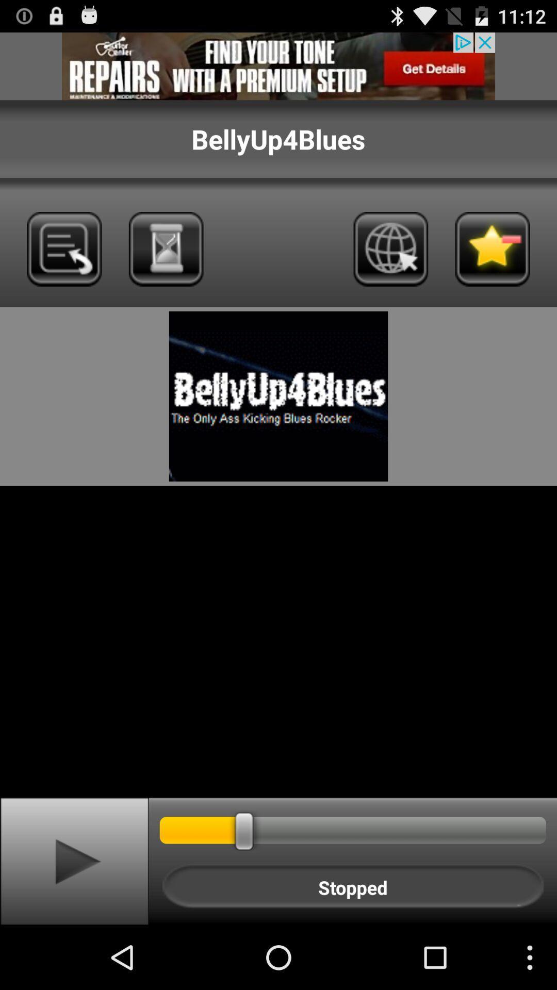  I want to click on the globe icon, so click(390, 267).